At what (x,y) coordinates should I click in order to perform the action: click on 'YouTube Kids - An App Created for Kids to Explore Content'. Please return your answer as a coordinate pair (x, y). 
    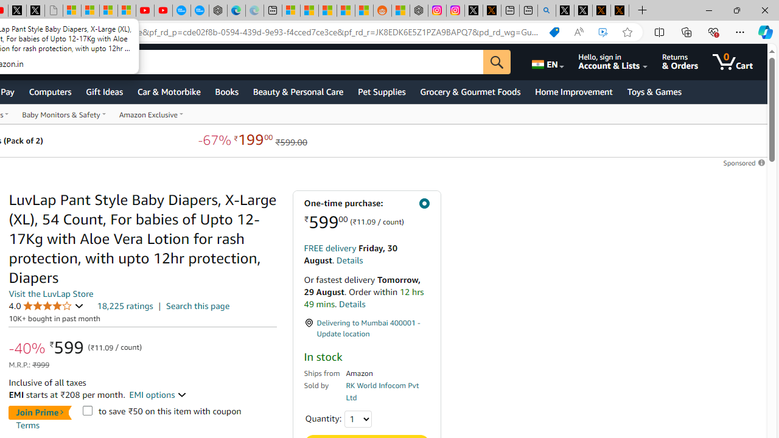
    Looking at the image, I should click on (162, 10).